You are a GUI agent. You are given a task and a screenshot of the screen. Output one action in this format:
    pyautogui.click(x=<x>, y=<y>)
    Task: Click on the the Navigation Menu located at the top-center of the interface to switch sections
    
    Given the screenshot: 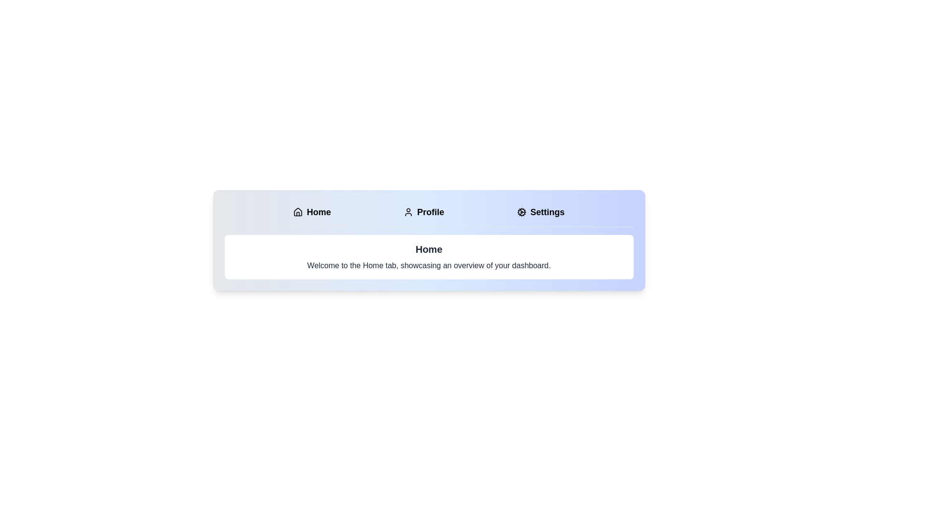 What is the action you would take?
    pyautogui.click(x=428, y=214)
    